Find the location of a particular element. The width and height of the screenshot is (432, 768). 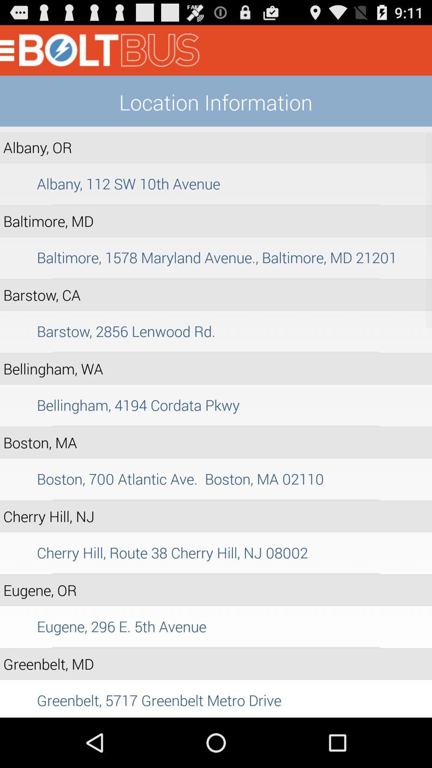

the item below the baltimore 1578 maryland item is located at coordinates (216, 278).